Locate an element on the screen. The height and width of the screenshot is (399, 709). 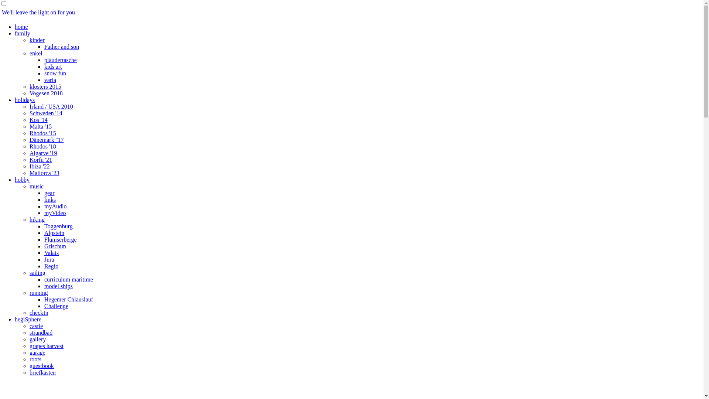
'garage' is located at coordinates (37, 352).